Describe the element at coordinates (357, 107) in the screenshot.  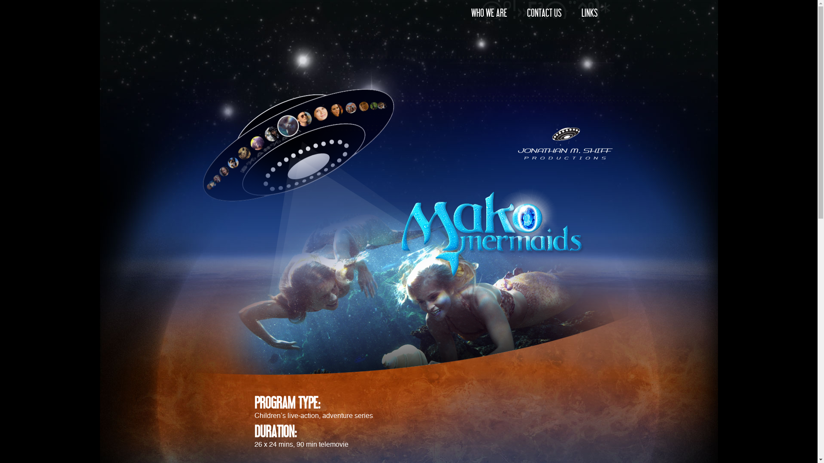
I see `'The Lost Treasure of Fiji'` at that location.